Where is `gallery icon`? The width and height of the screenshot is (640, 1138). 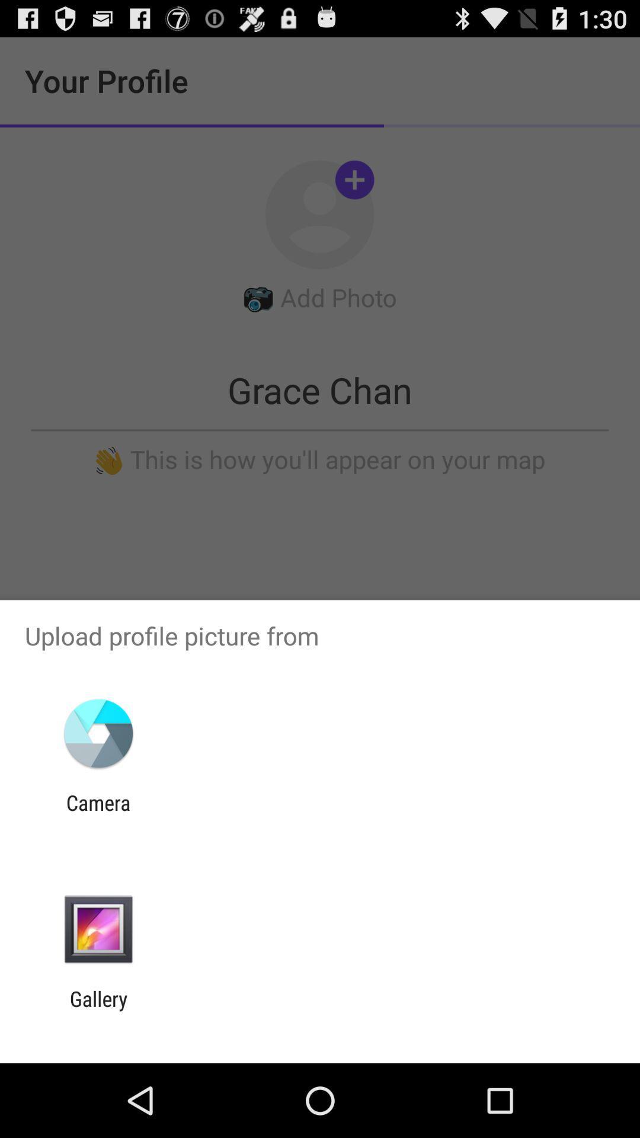
gallery icon is located at coordinates (98, 1011).